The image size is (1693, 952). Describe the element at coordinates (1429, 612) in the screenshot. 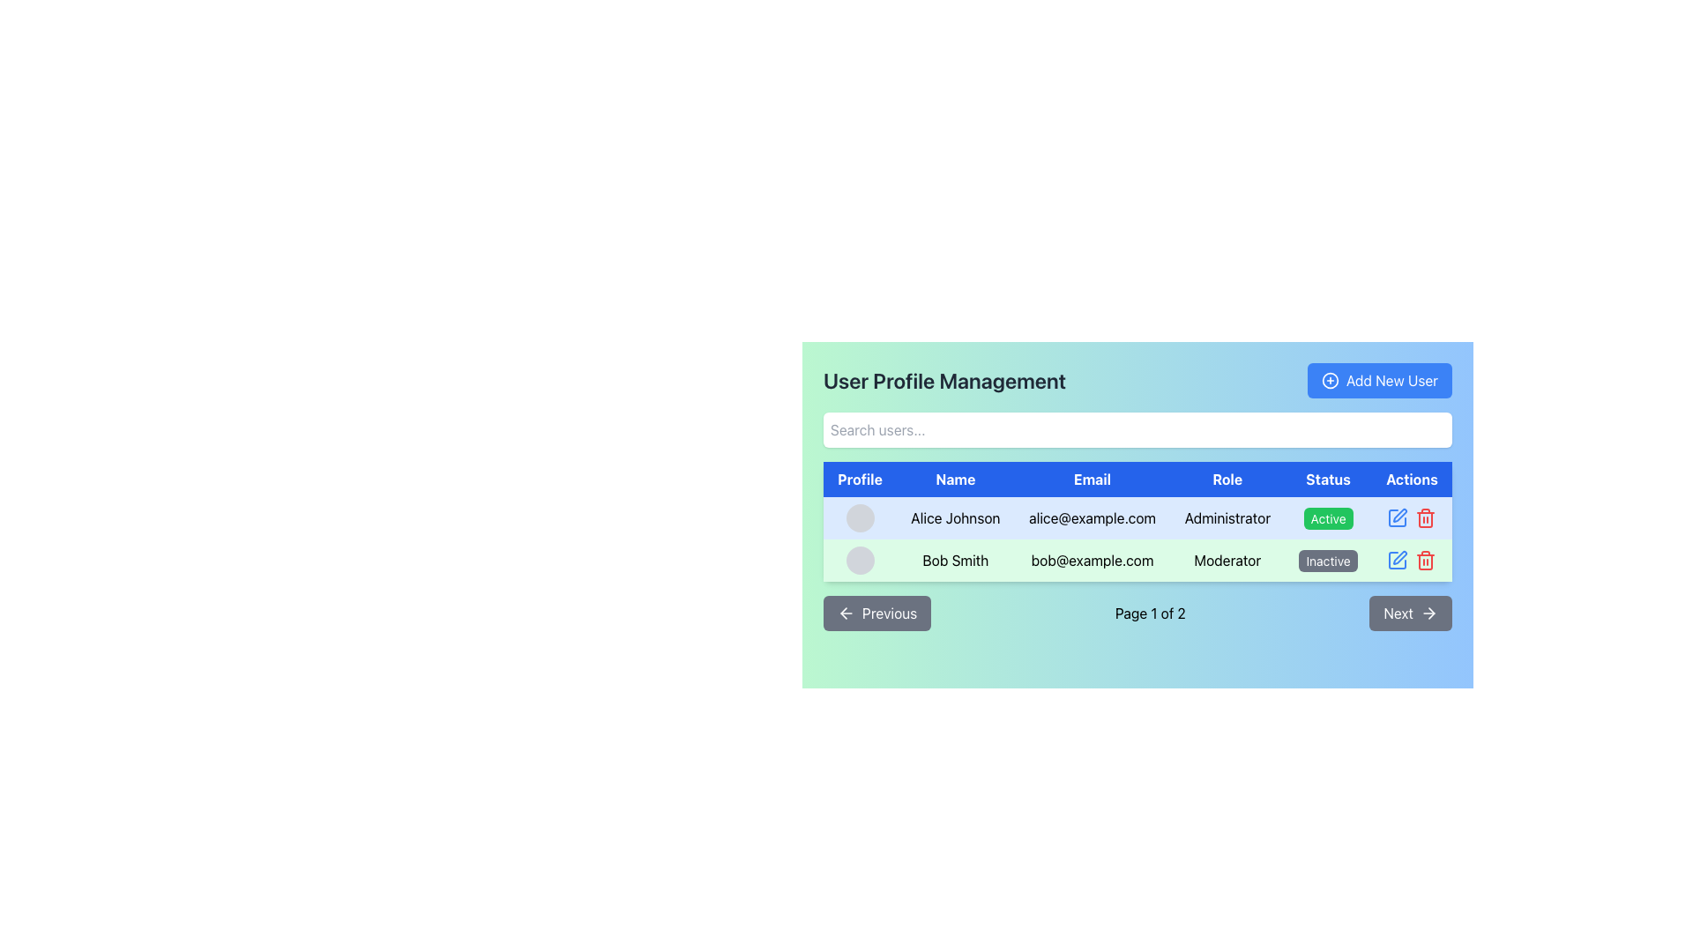

I see `the right-pointing arrow icon with a minimalist design, located within a button next to the 'Next' label` at that location.